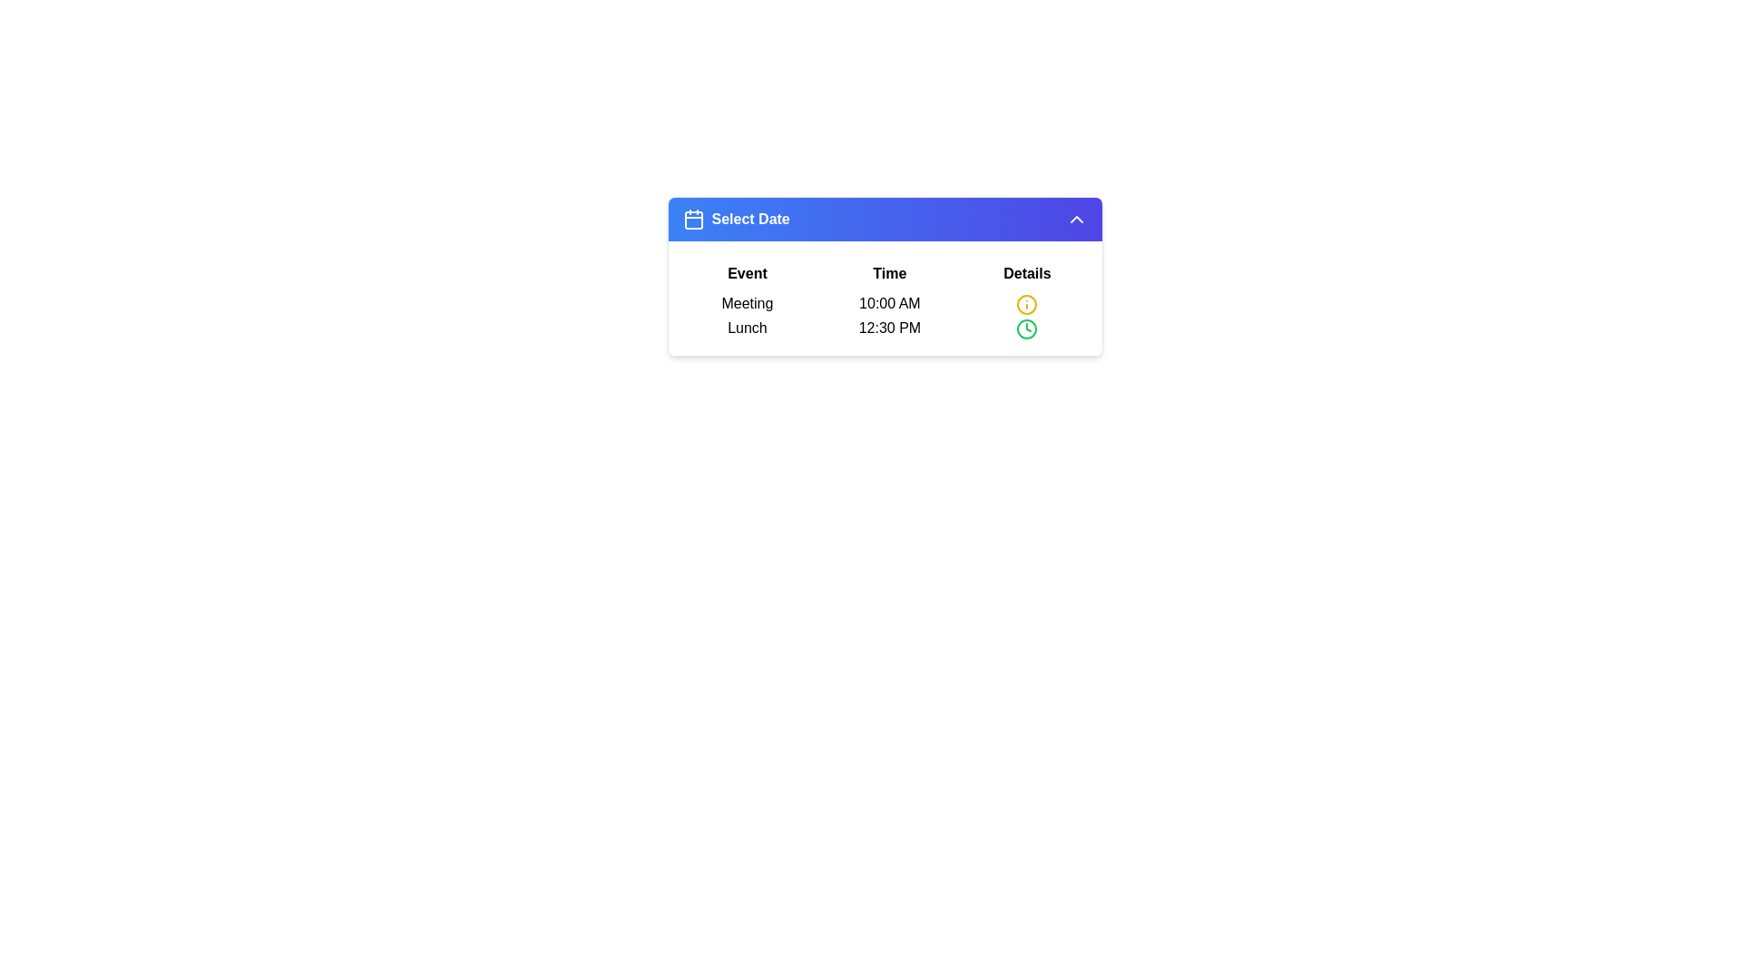 This screenshot has height=980, width=1742. What do you see at coordinates (692, 219) in the screenshot?
I see `the calendar icon located at the leftmost side of the title bar with the text 'Select Date', which provides a visual cue for date selection` at bounding box center [692, 219].